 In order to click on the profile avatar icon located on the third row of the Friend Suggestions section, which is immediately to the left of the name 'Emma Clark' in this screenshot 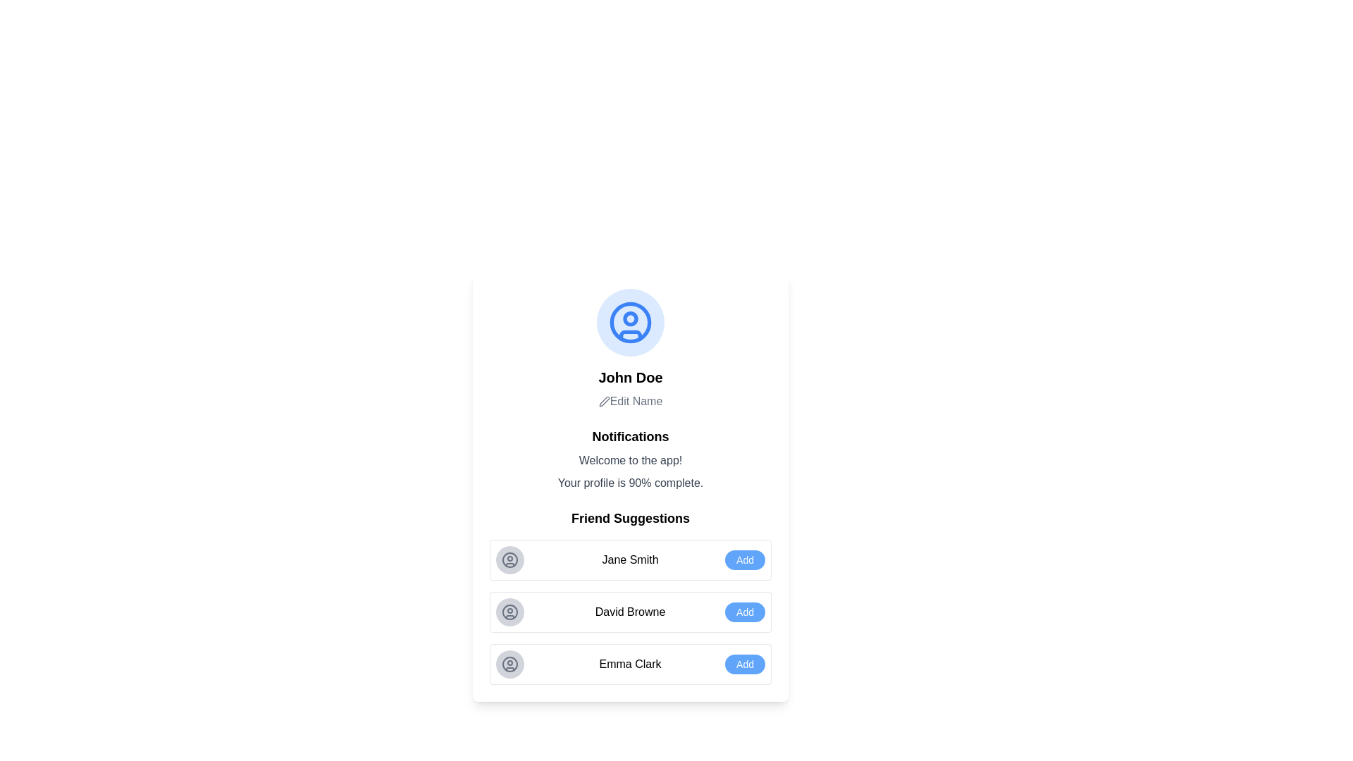, I will do `click(509, 664)`.